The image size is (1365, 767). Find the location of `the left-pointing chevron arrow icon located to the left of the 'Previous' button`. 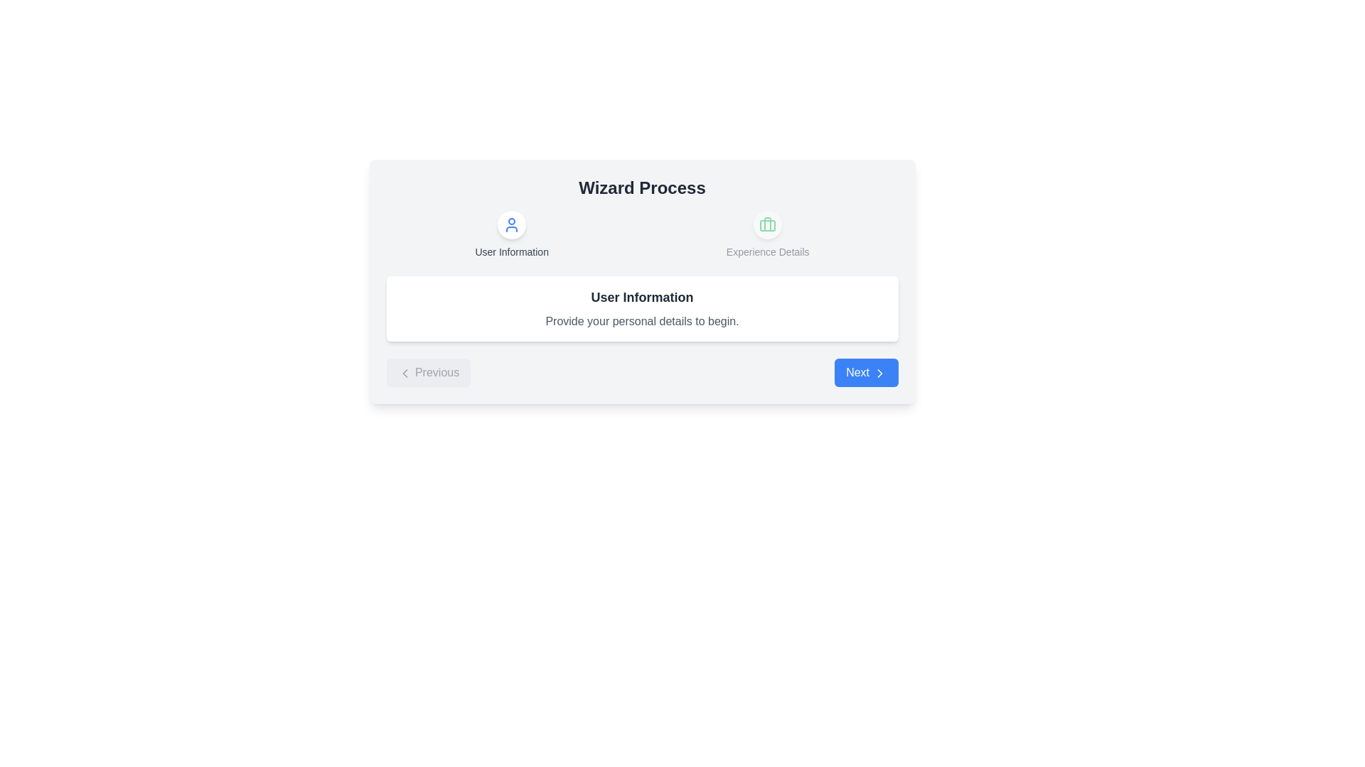

the left-pointing chevron arrow icon located to the left of the 'Previous' button is located at coordinates (404, 372).